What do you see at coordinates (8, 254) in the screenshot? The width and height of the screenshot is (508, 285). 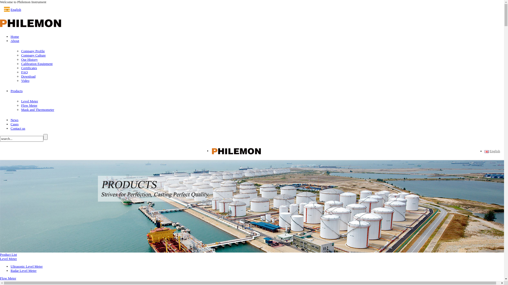 I see `'Product List'` at bounding box center [8, 254].